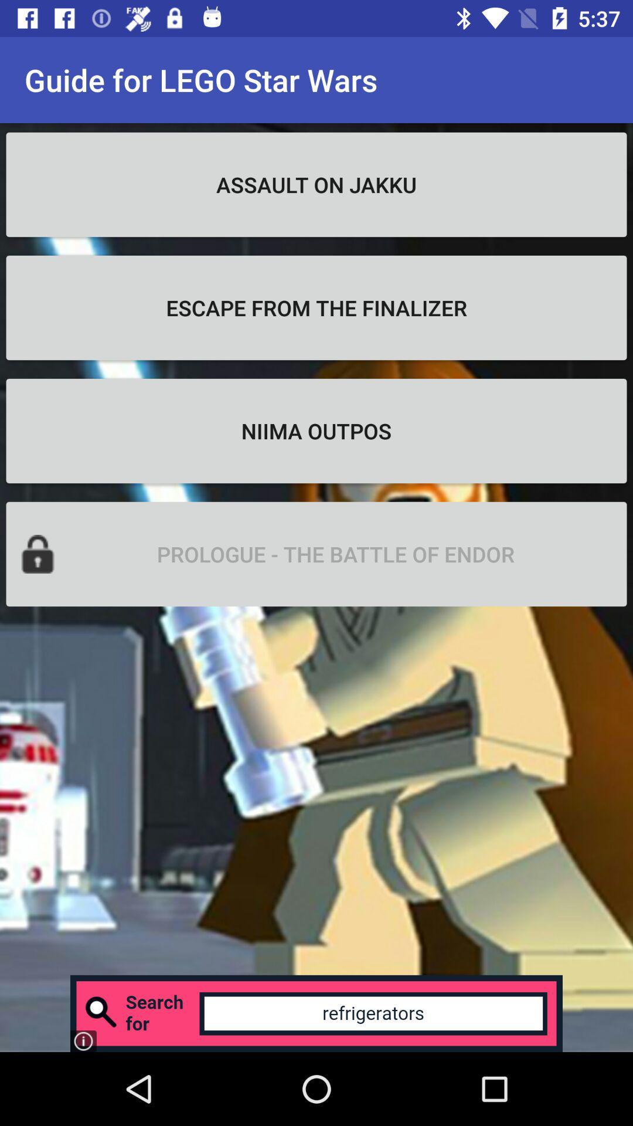 The image size is (633, 1126). I want to click on adsto watch, so click(316, 1013).